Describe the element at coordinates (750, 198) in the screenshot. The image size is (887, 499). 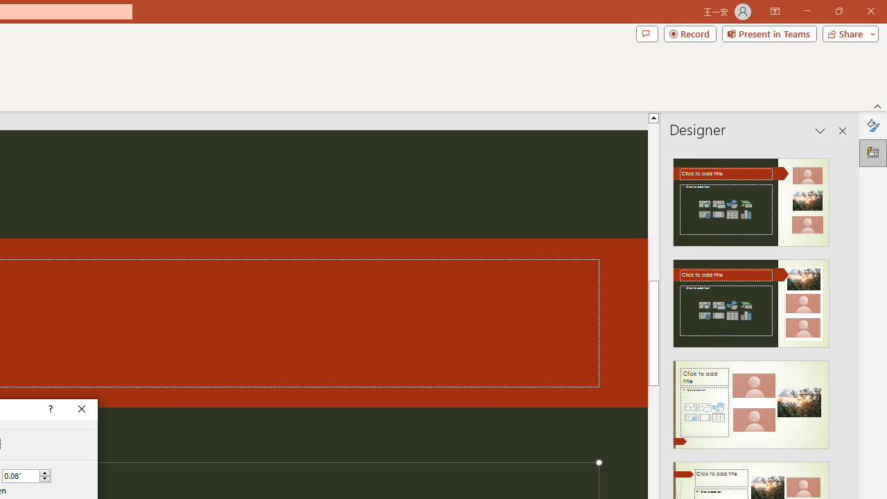
I see `'Recommended Design: Design Idea'` at that location.